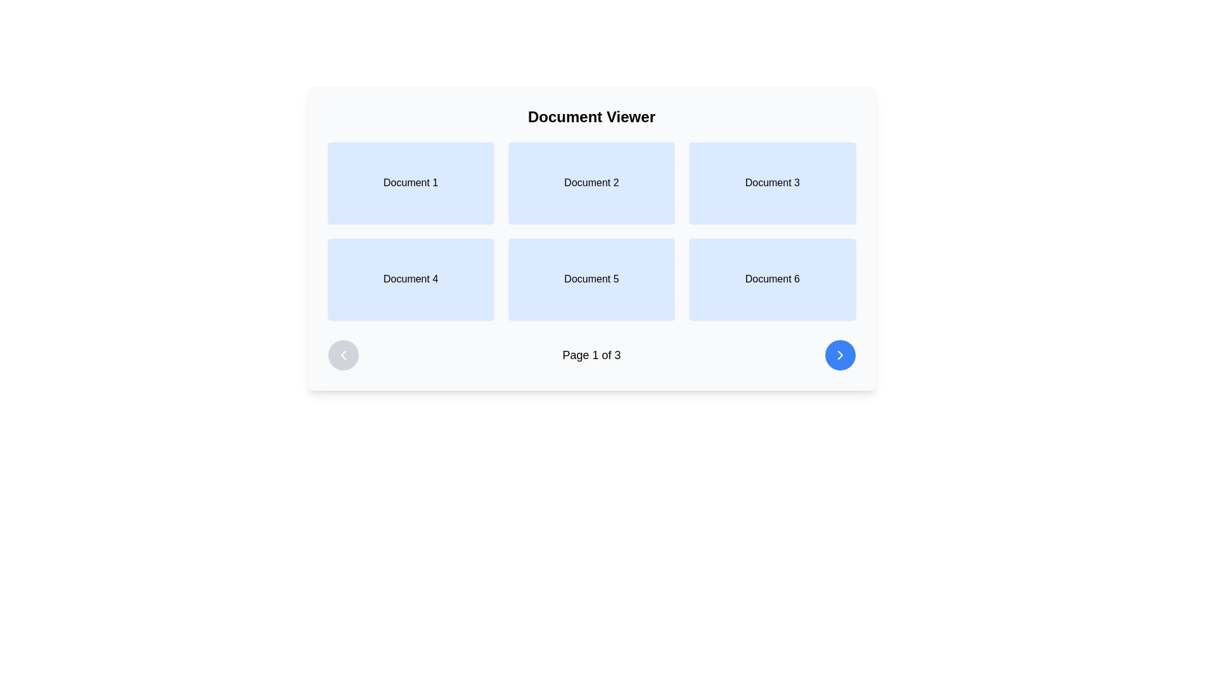 The image size is (1217, 684). What do you see at coordinates (840, 355) in the screenshot?
I see `the circular button containing the chevron-shaped icon located in the bottom-right corner of the interface` at bounding box center [840, 355].